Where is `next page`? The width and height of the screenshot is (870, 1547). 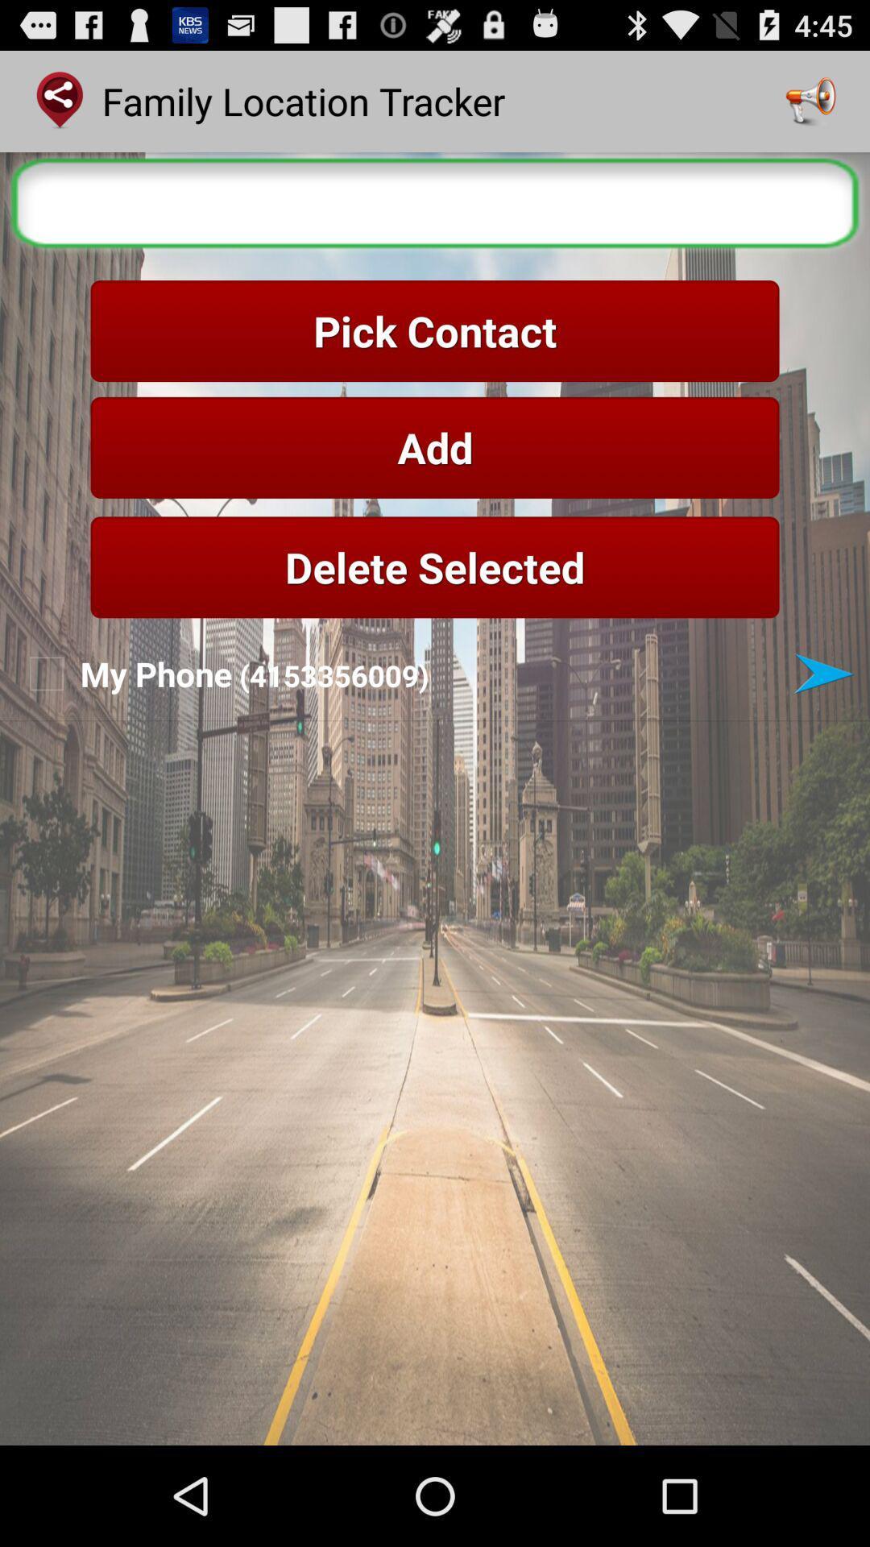
next page is located at coordinates (823, 674).